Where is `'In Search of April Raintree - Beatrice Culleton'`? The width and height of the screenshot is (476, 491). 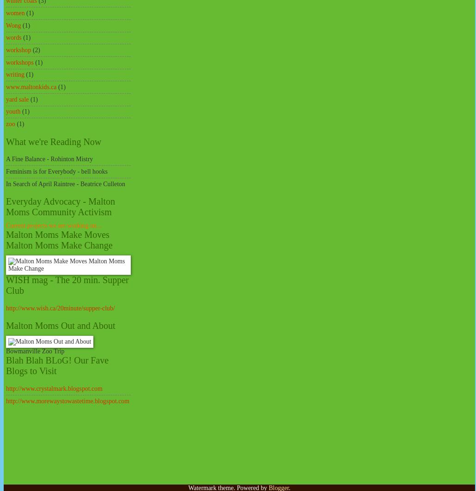 'In Search of April Raintree - Beatrice Culleton' is located at coordinates (65, 183).